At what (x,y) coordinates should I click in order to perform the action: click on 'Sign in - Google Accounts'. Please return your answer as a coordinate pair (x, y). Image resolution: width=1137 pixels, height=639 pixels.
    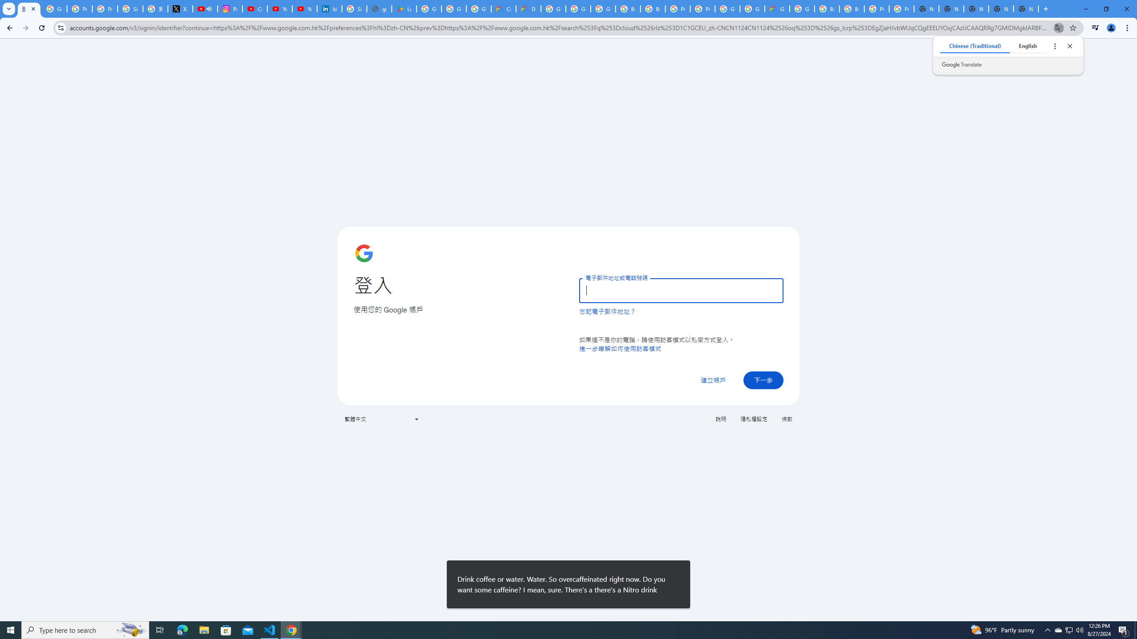
    Looking at the image, I should click on (130, 8).